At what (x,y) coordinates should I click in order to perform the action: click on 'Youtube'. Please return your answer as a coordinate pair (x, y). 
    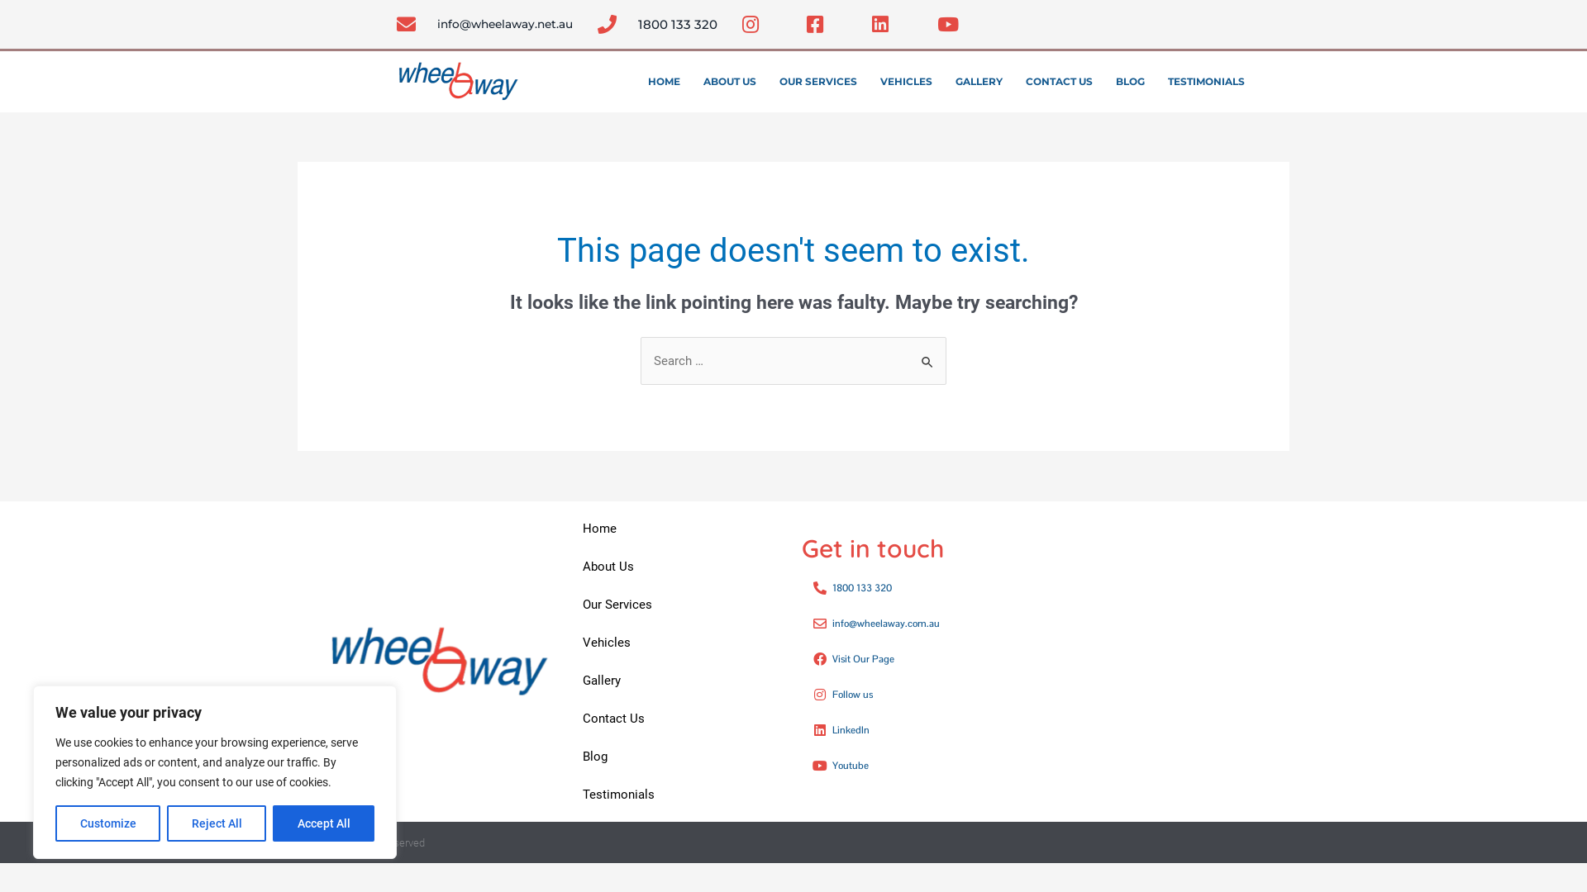
    Looking at the image, I should click on (1184, 842).